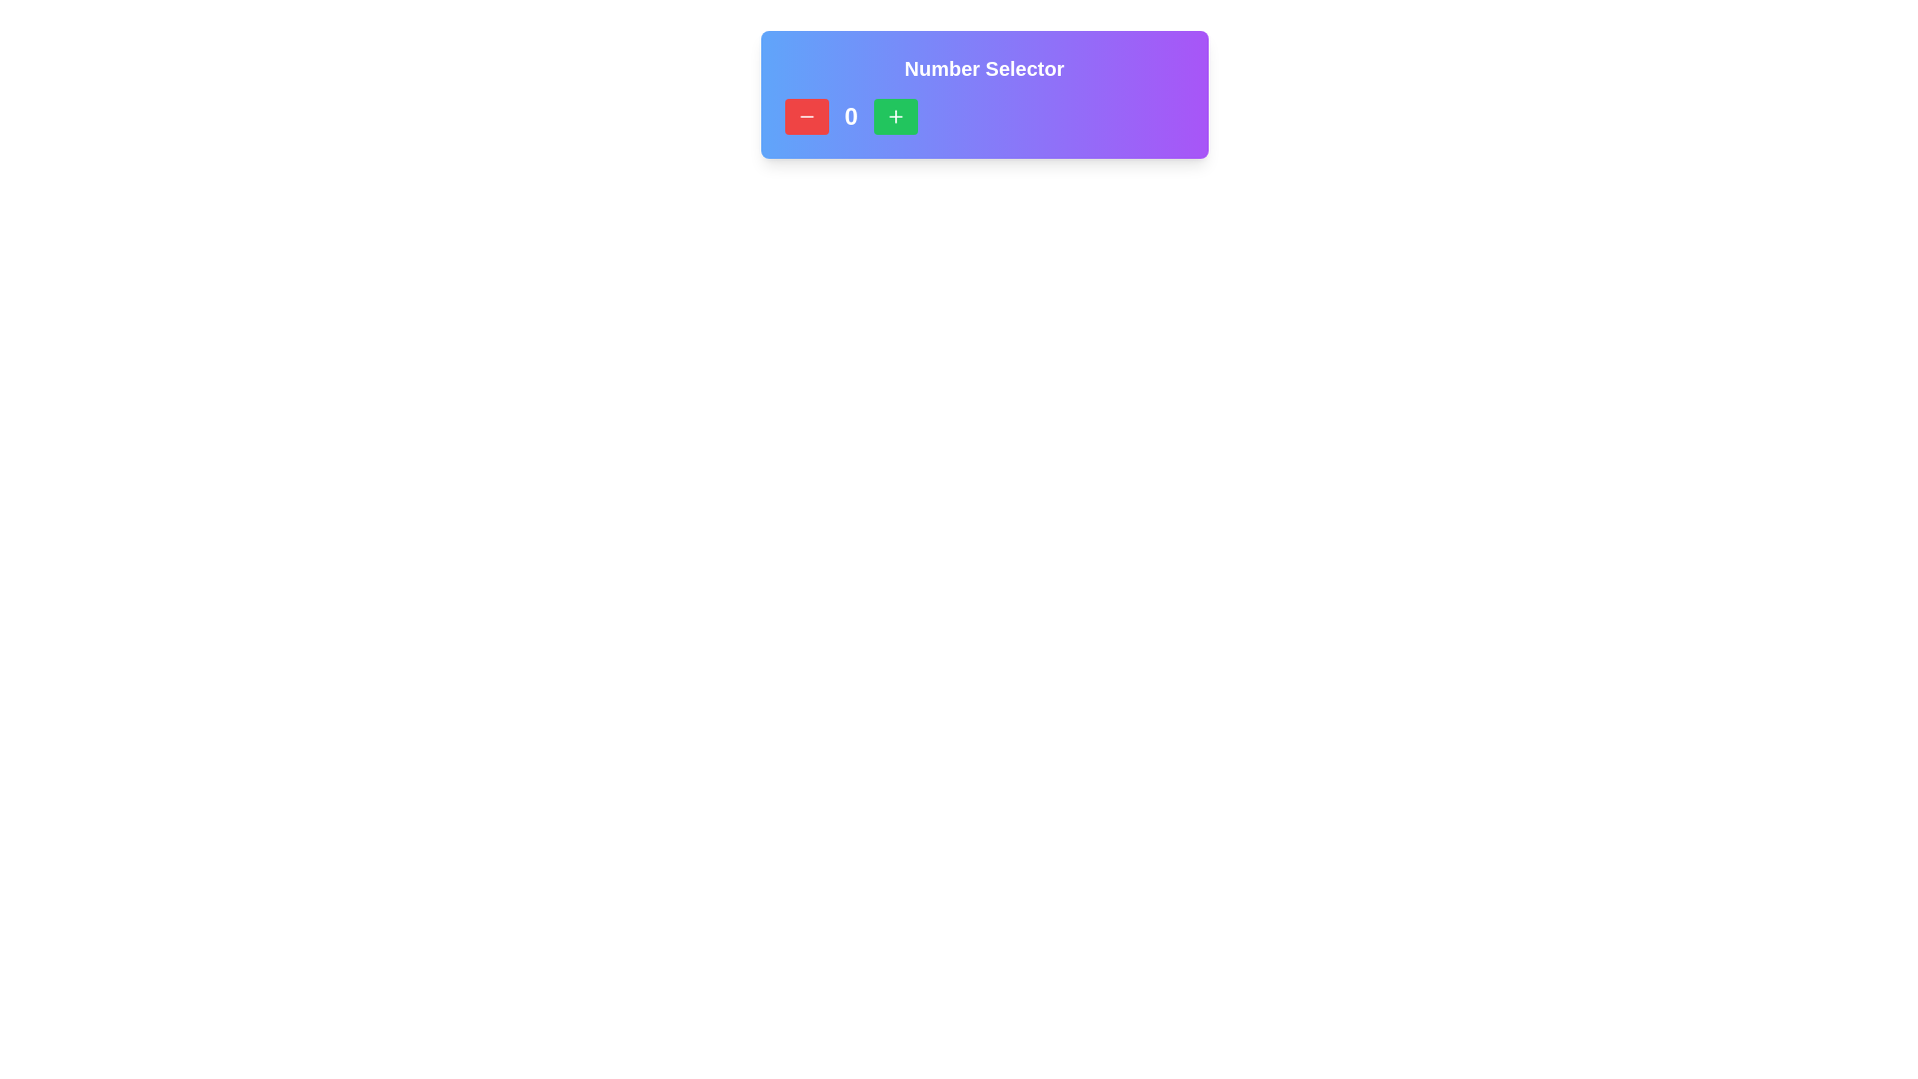  I want to click on the red minus icon located at the leftmost side of the Number Selector component to decrement the value, so click(806, 116).